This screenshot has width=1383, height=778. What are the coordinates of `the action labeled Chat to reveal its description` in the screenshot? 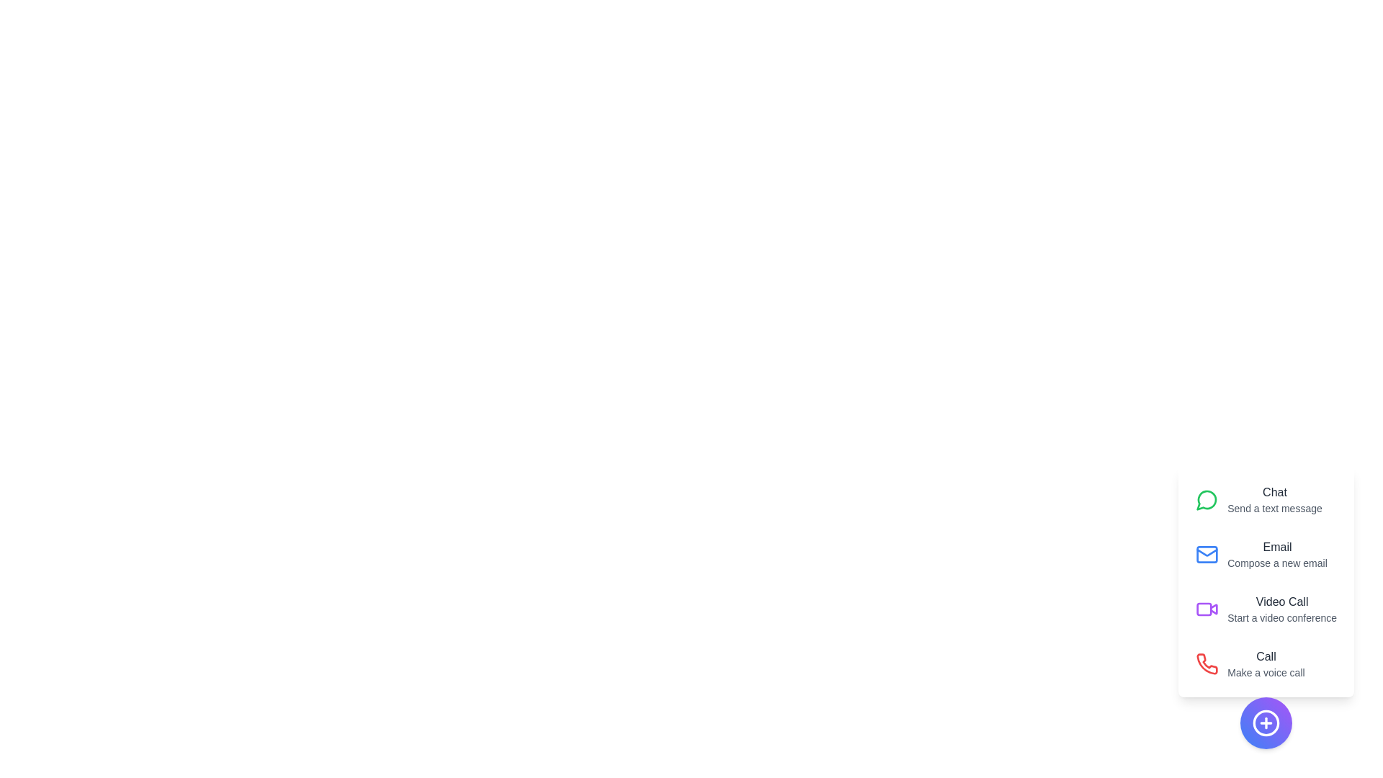 It's located at (1266, 499).